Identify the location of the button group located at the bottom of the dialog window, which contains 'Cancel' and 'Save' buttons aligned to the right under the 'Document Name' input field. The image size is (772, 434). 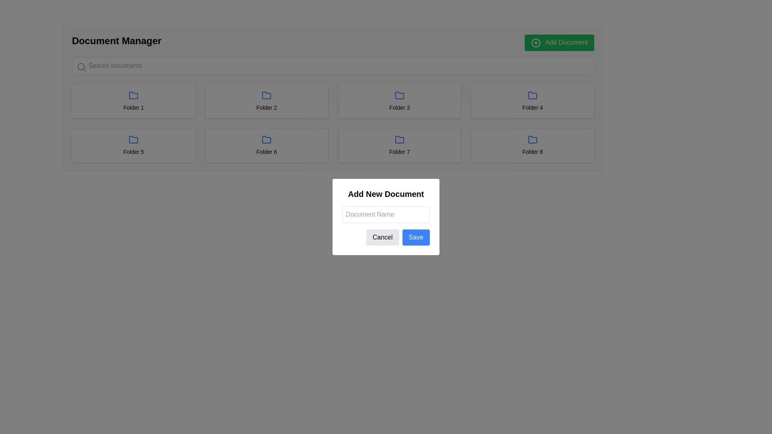
(386, 237).